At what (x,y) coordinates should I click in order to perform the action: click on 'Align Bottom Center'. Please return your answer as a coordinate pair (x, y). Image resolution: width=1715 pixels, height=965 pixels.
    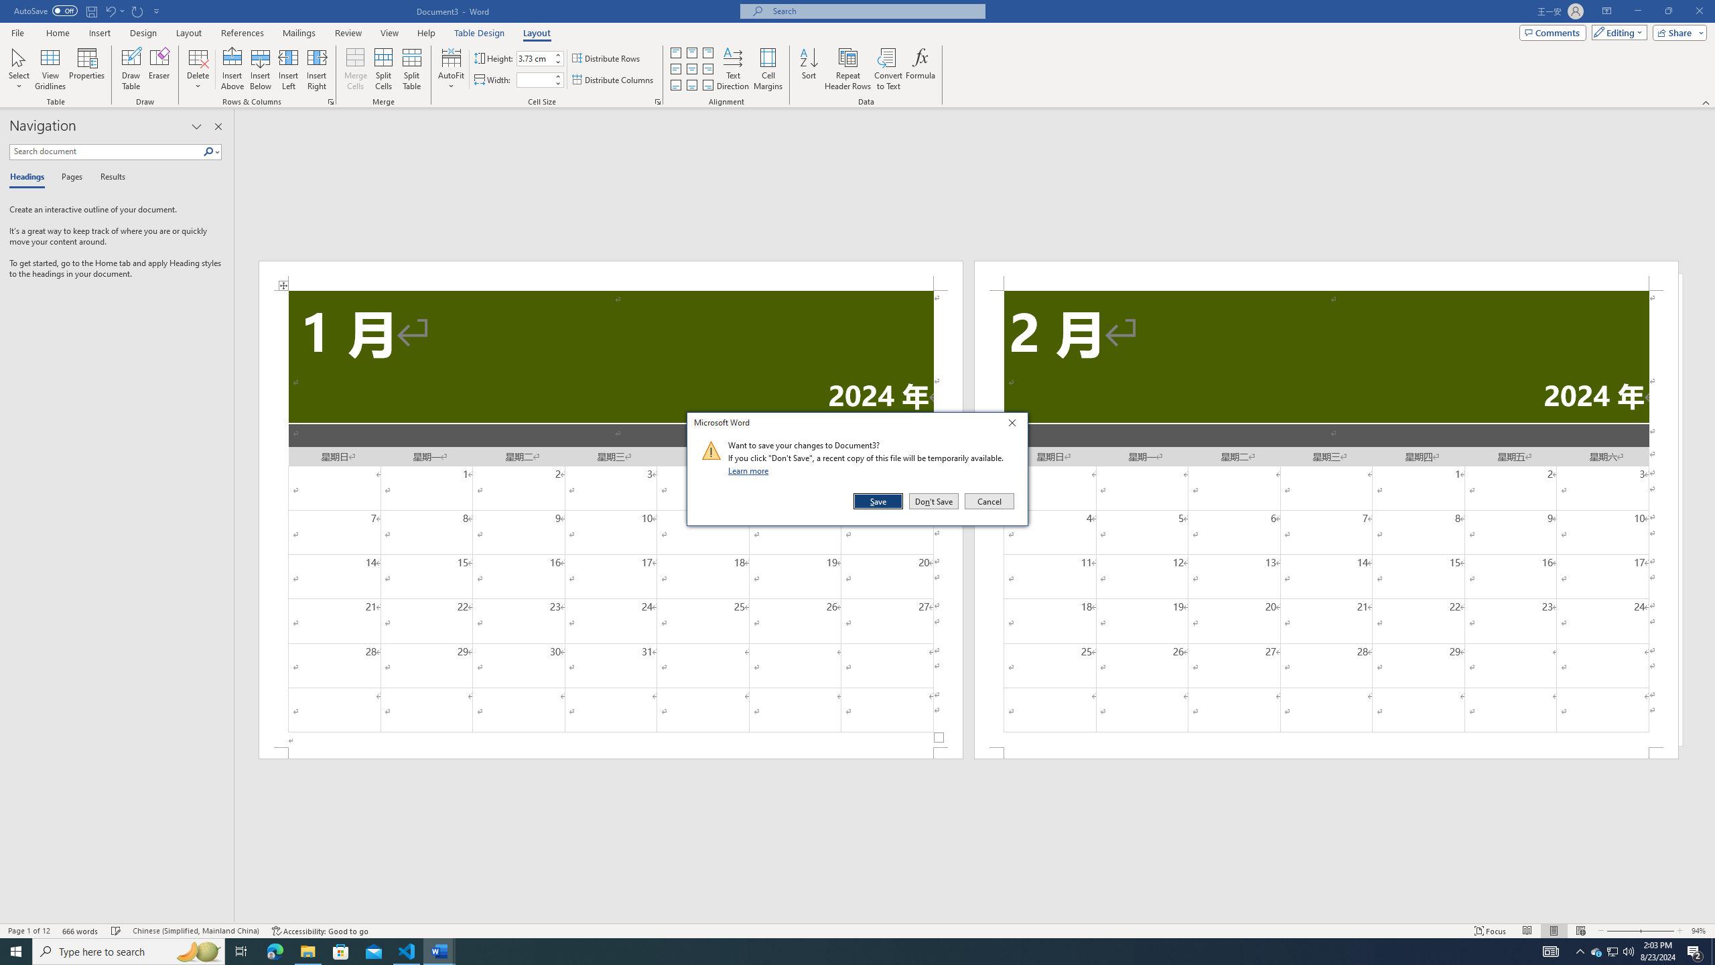
    Looking at the image, I should click on (691, 85).